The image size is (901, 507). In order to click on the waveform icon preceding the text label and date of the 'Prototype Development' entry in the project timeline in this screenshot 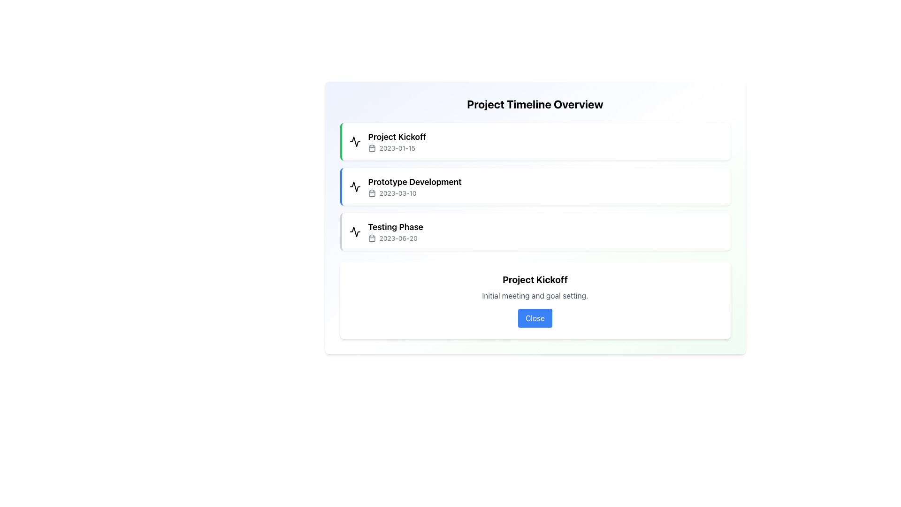, I will do `click(354, 186)`.